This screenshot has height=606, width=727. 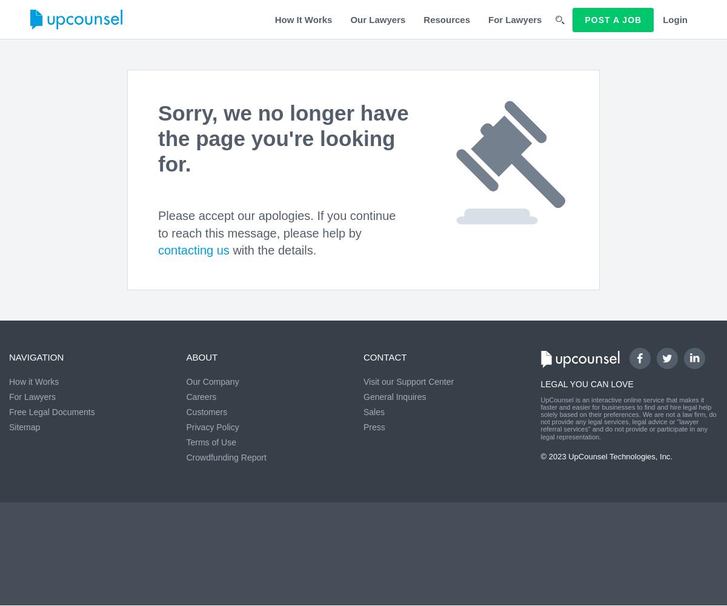 I want to click on 'with the details.', so click(x=273, y=250).